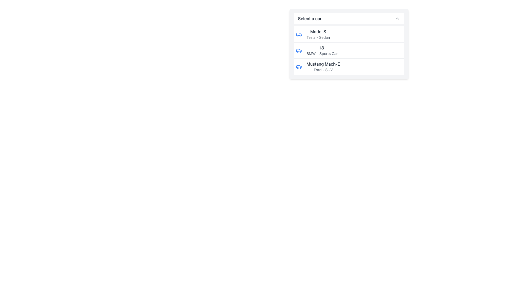 The width and height of the screenshot is (510, 287). I want to click on text label displaying information about the car model 'Model S' and its type description 'Tesla - Sedan' located in the dropdown menu under 'Select a car', so click(318, 34).